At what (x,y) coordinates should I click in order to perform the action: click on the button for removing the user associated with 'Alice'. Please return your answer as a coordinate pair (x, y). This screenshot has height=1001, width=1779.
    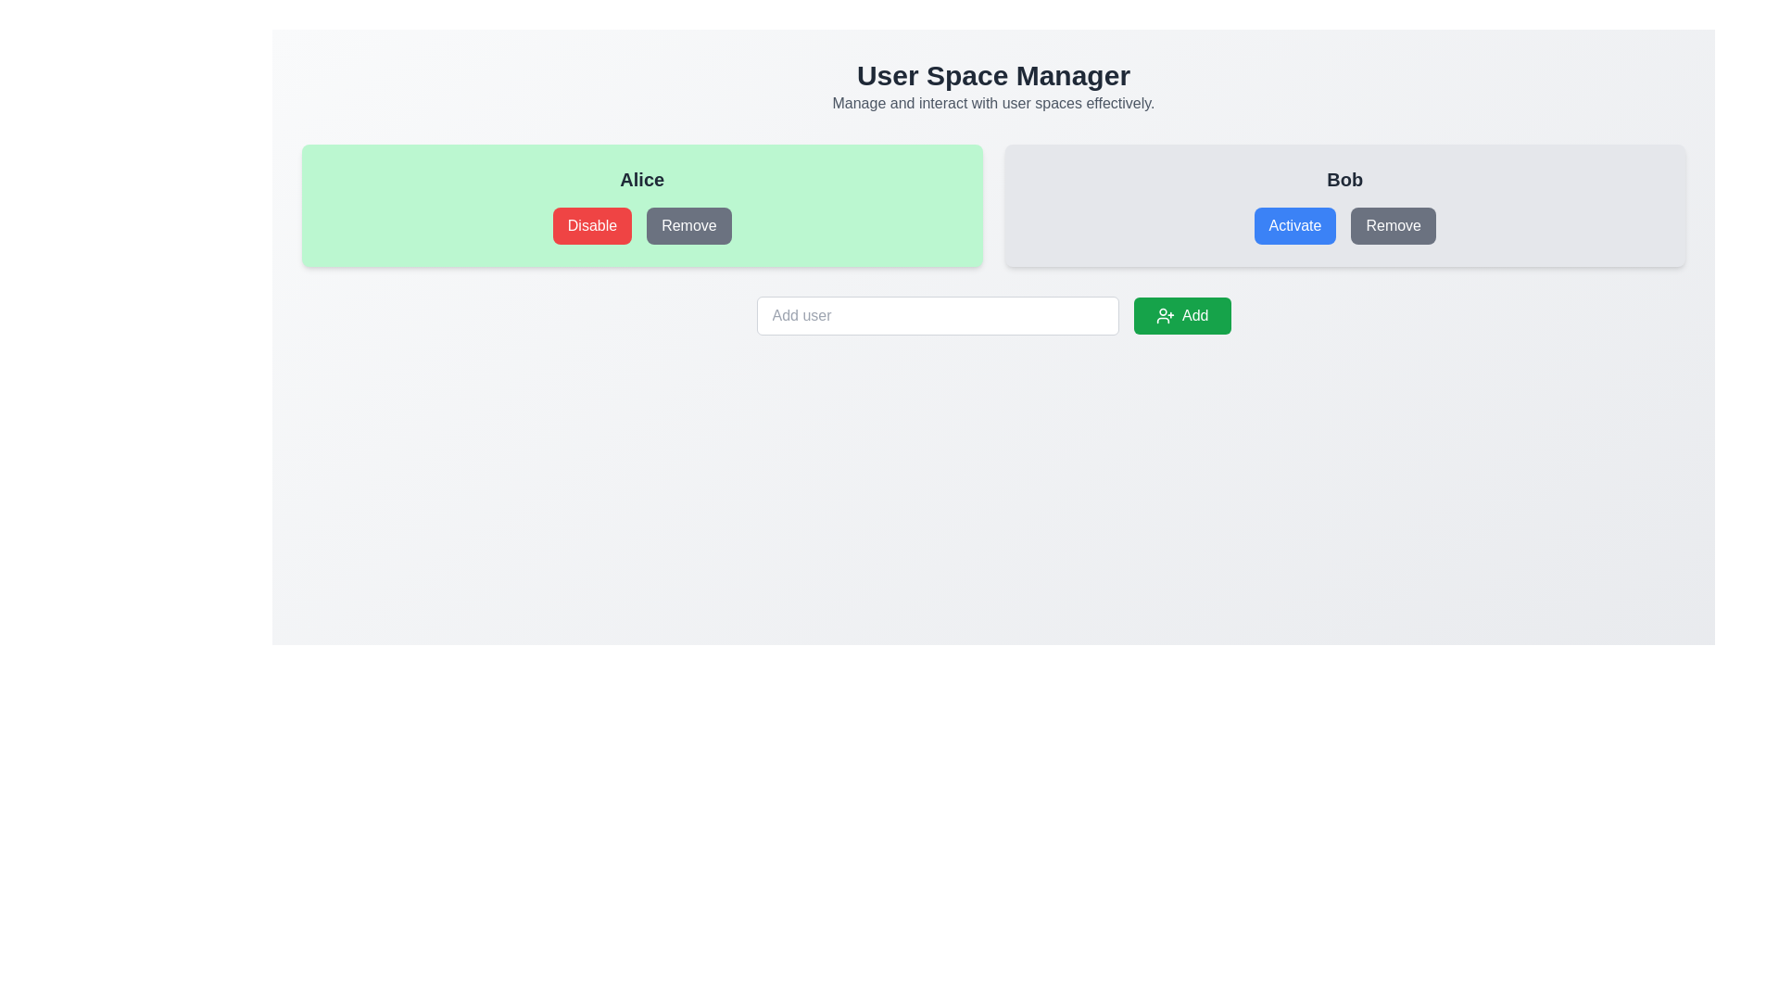
    Looking at the image, I should click on (688, 224).